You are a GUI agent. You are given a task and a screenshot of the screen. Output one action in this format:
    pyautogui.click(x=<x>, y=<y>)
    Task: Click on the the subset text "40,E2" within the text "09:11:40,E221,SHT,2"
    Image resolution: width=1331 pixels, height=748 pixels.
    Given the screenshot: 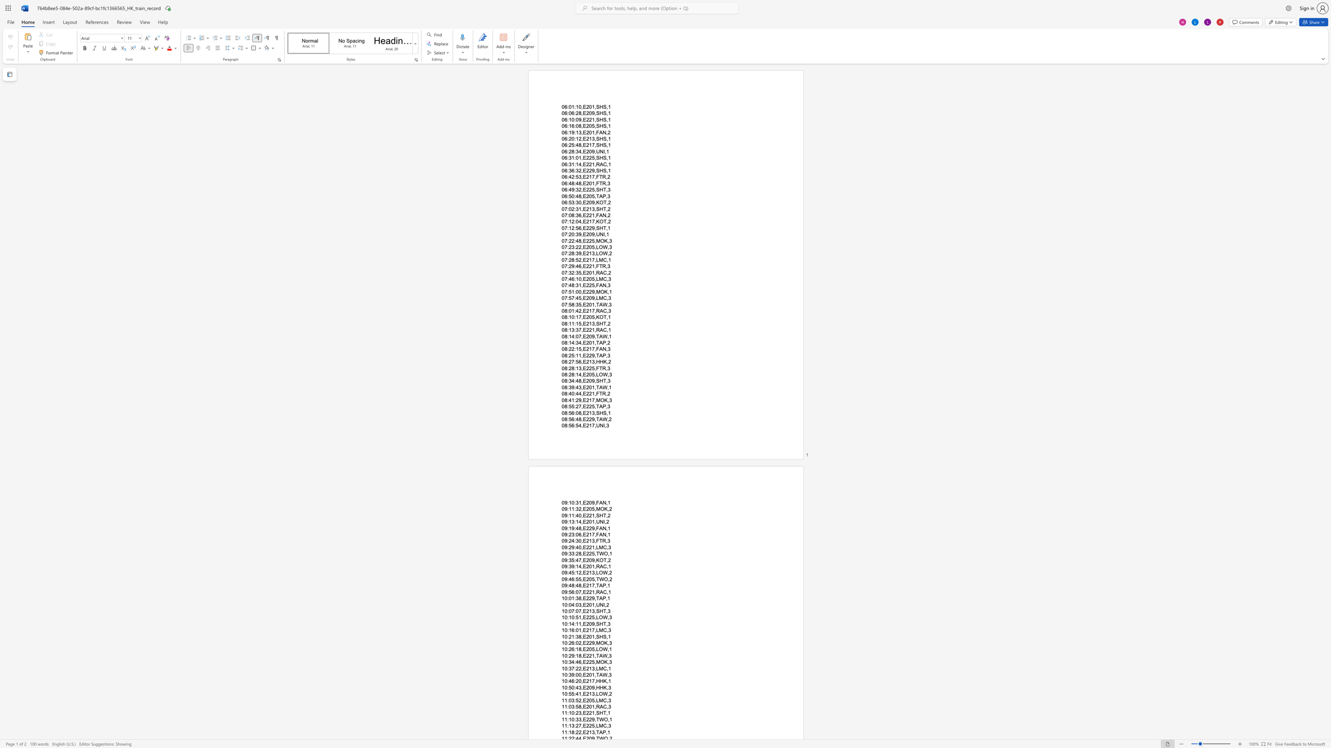 What is the action you would take?
    pyautogui.click(x=576, y=515)
    